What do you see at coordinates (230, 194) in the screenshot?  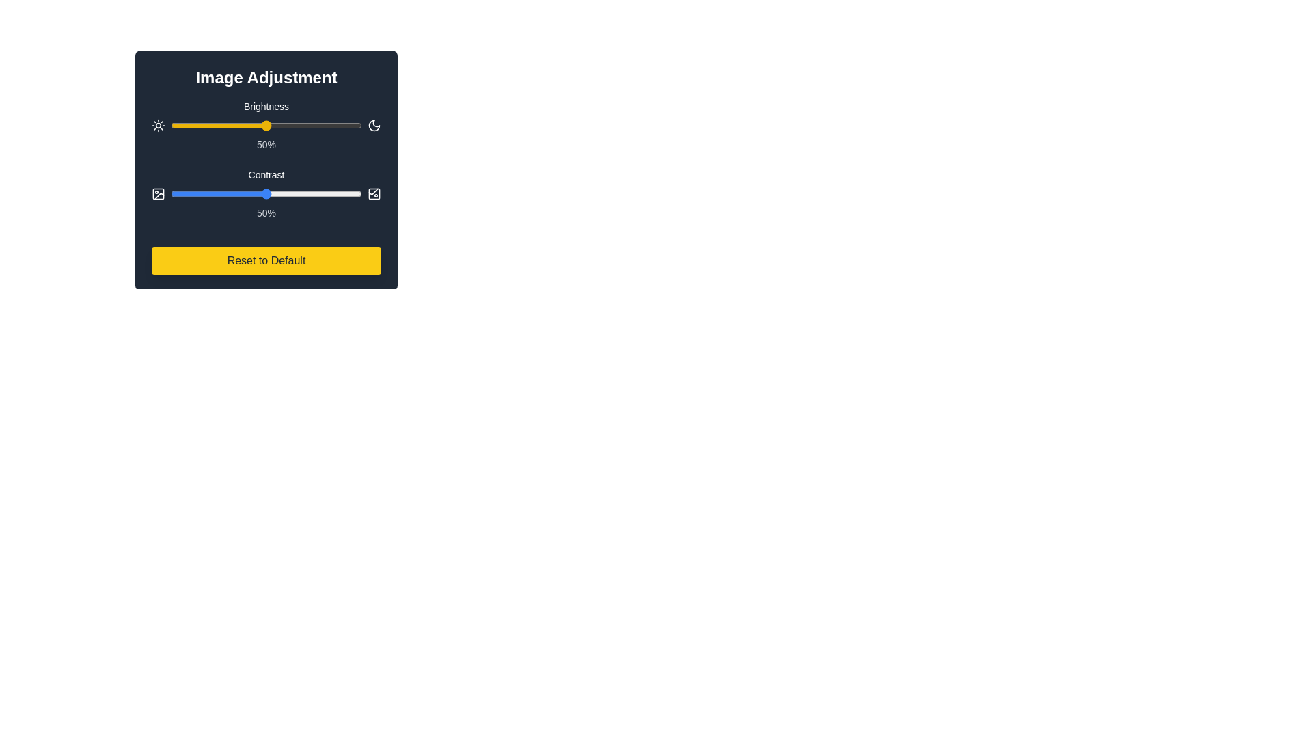 I see `the contrast level` at bounding box center [230, 194].